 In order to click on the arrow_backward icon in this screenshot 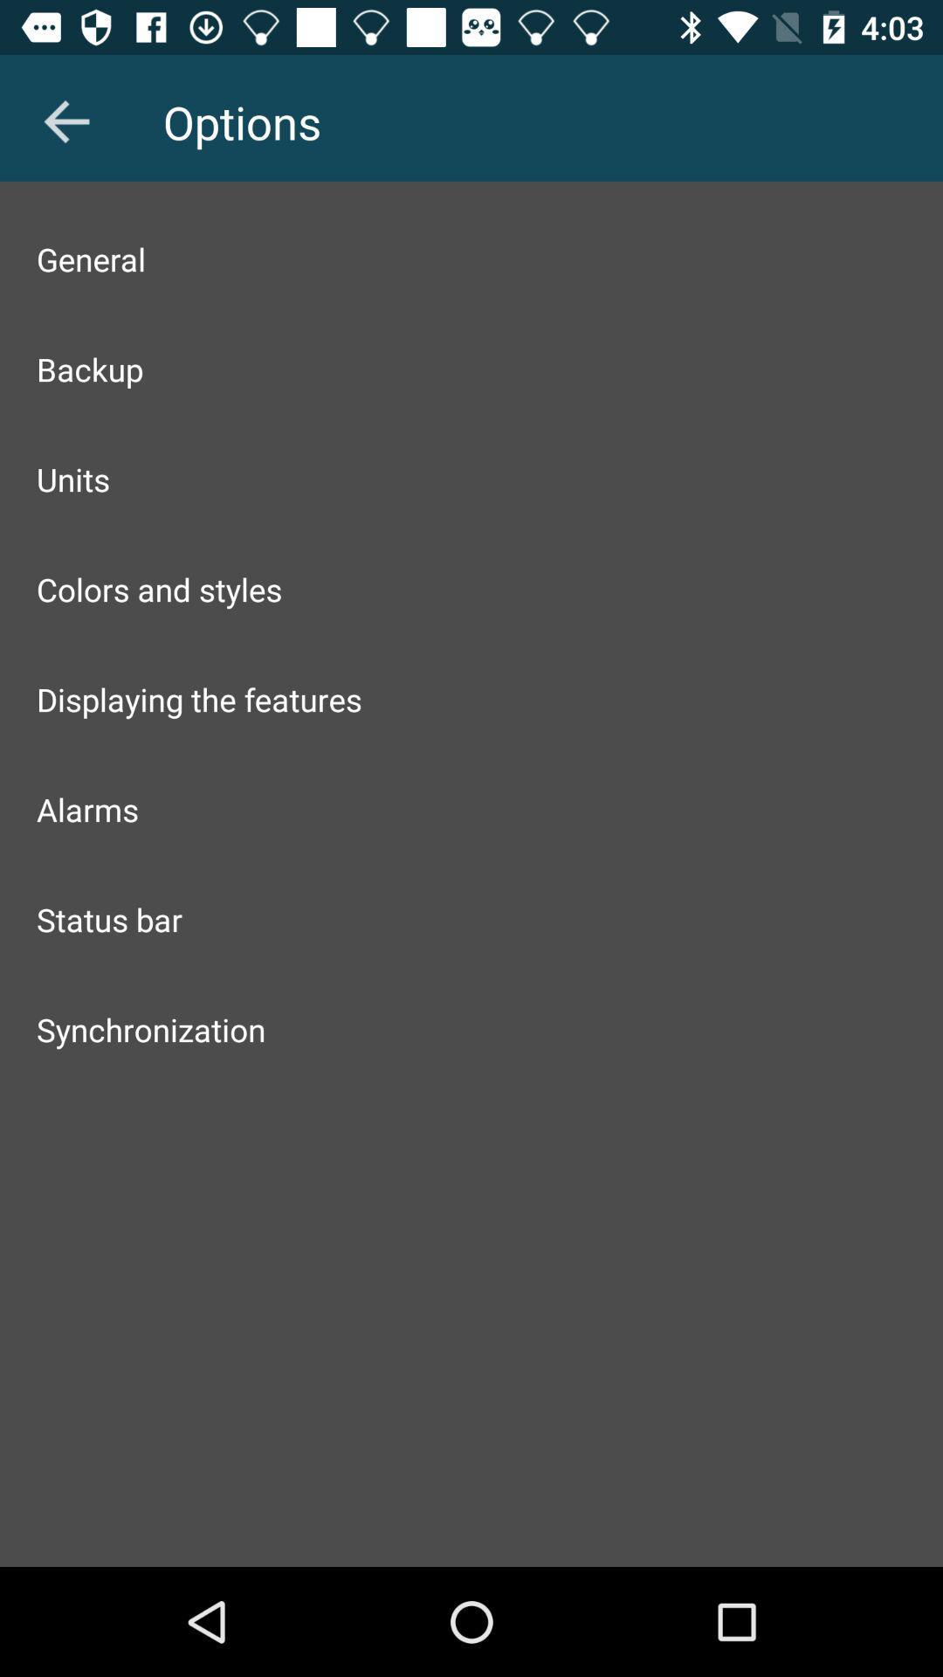, I will do `click(65, 121)`.